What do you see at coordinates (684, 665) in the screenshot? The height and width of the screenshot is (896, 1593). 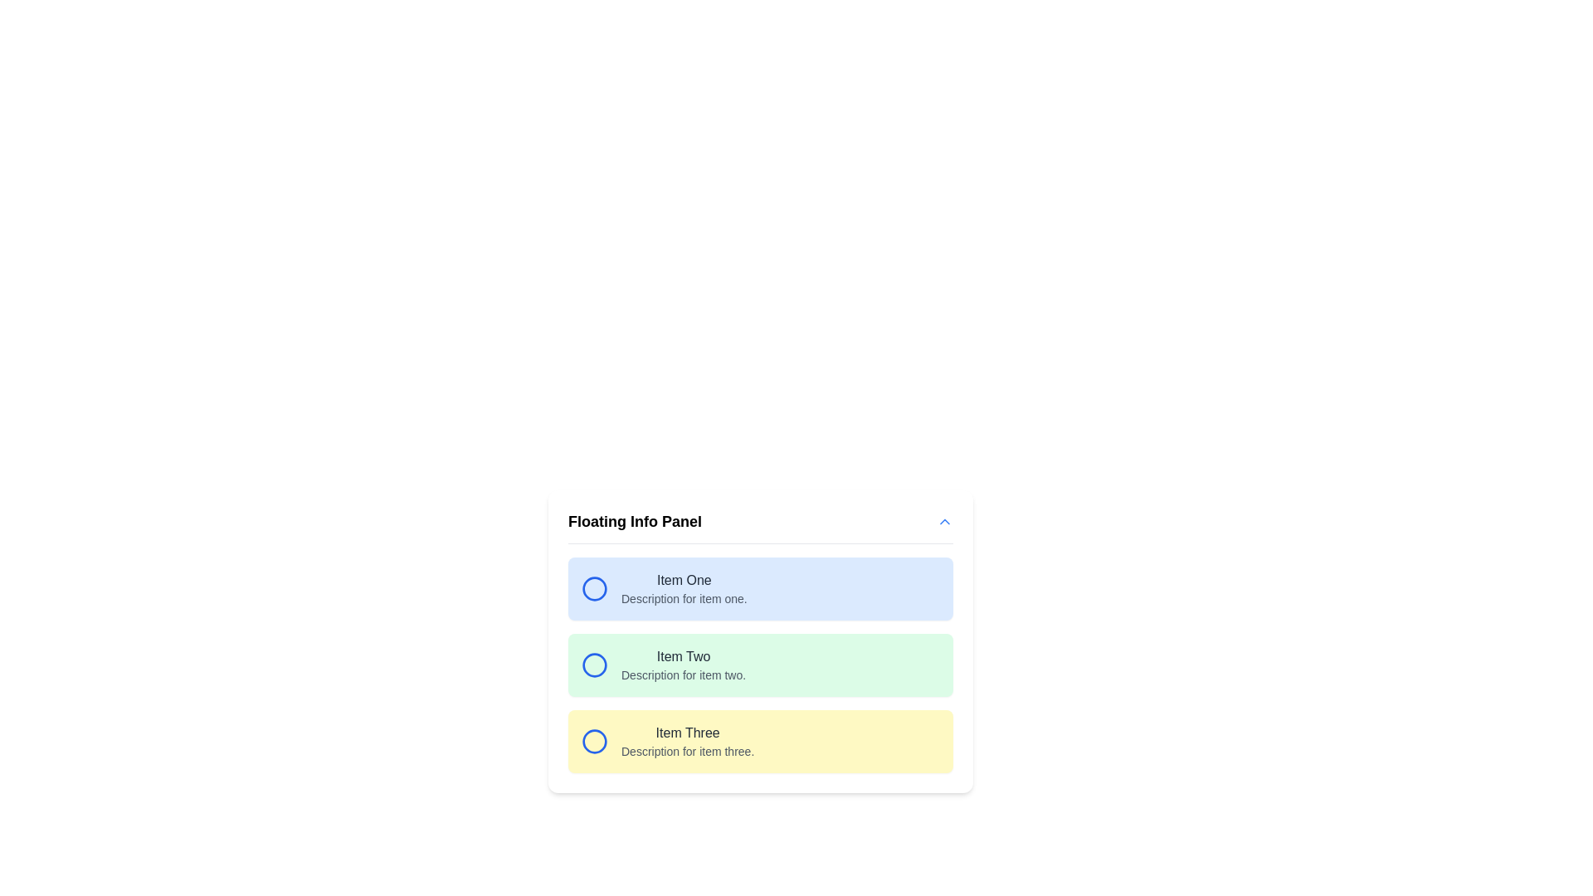 I see `the Text block titled 'Item Two' with a description 'Description for item two.' in the 'Floating Info Panel'` at bounding box center [684, 665].